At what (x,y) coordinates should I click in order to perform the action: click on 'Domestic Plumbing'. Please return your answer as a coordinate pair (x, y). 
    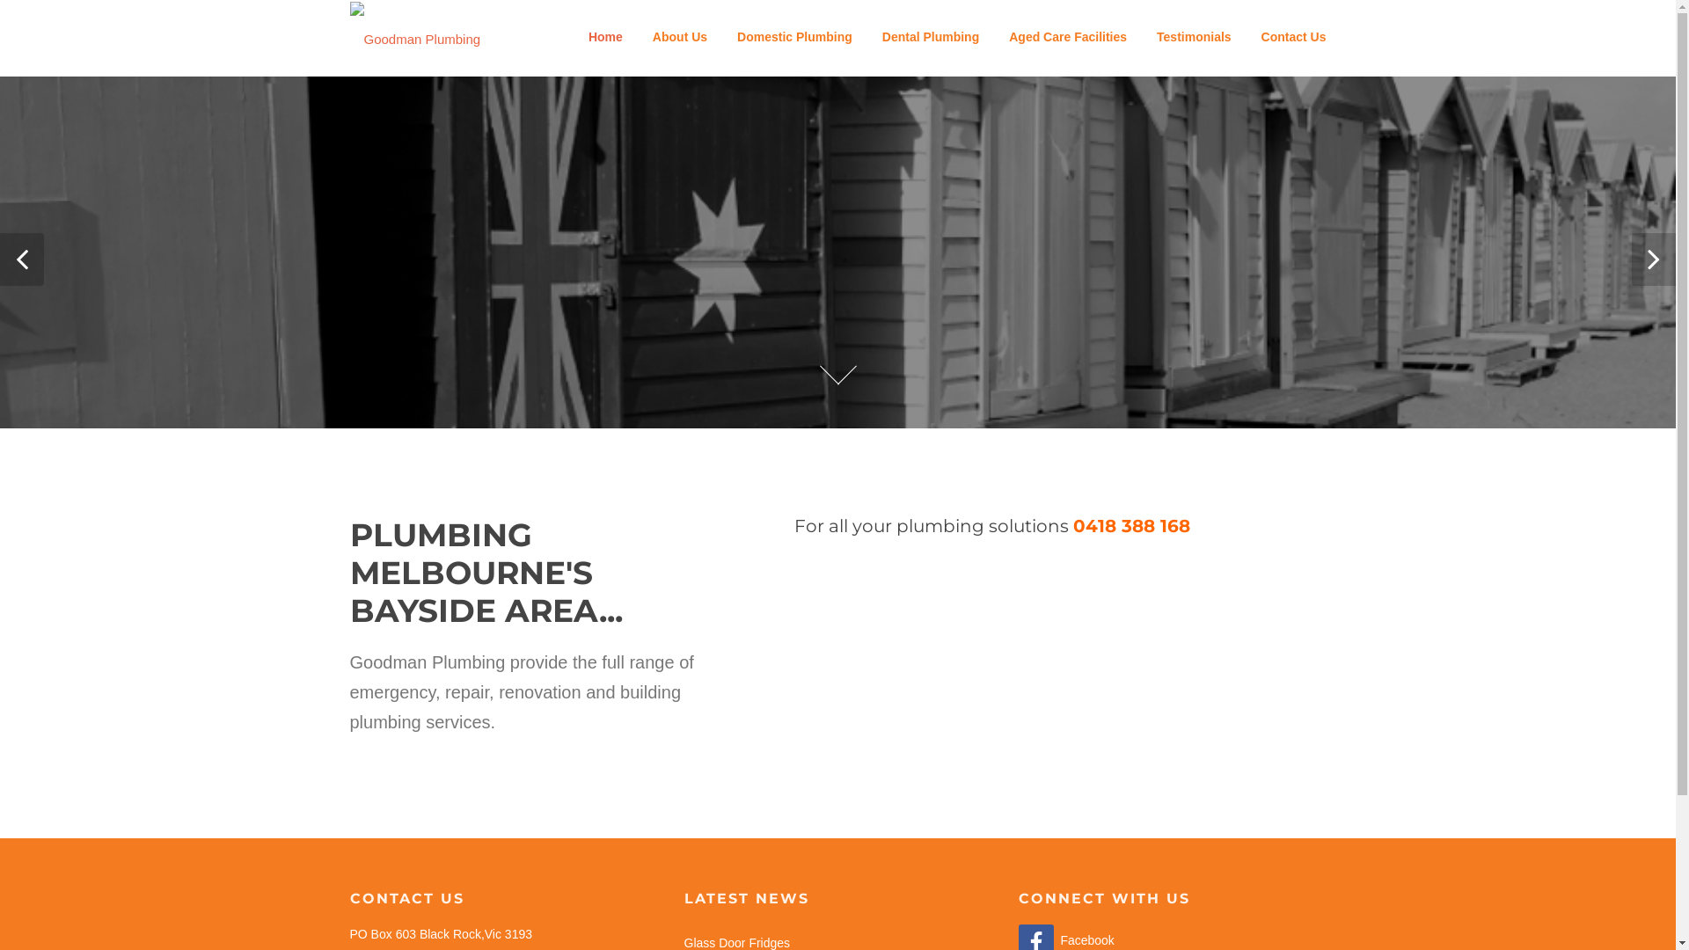
    Looking at the image, I should click on (721, 37).